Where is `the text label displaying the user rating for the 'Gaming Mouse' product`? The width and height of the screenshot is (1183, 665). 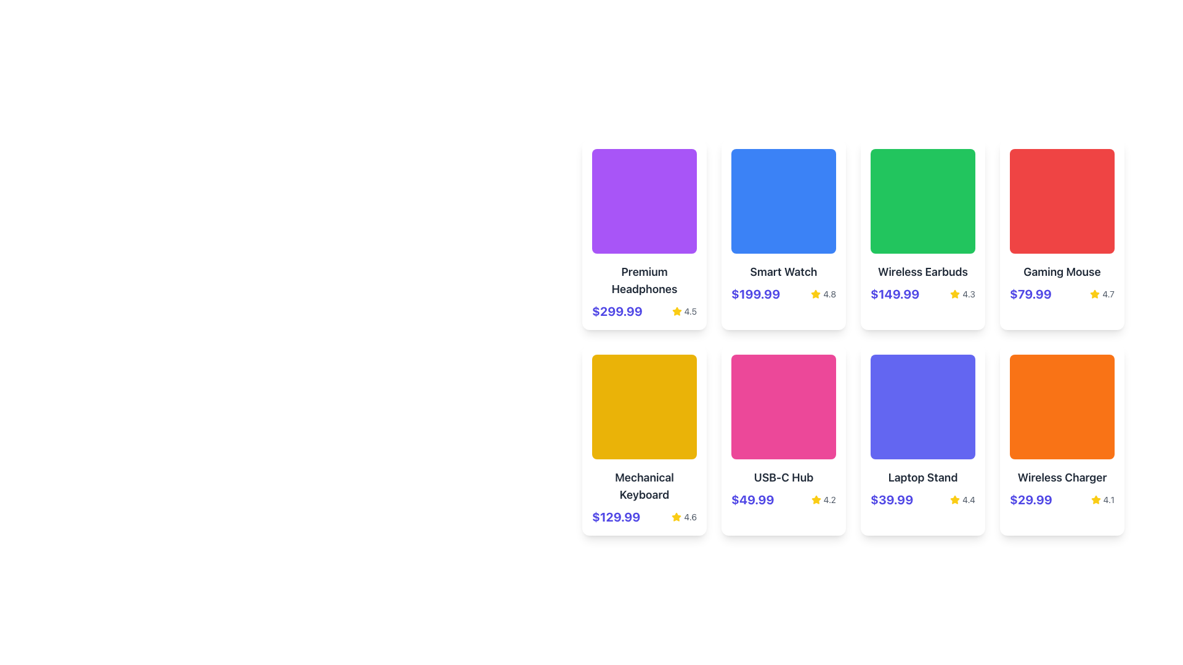
the text label displaying the user rating for the 'Gaming Mouse' product is located at coordinates (1102, 294).